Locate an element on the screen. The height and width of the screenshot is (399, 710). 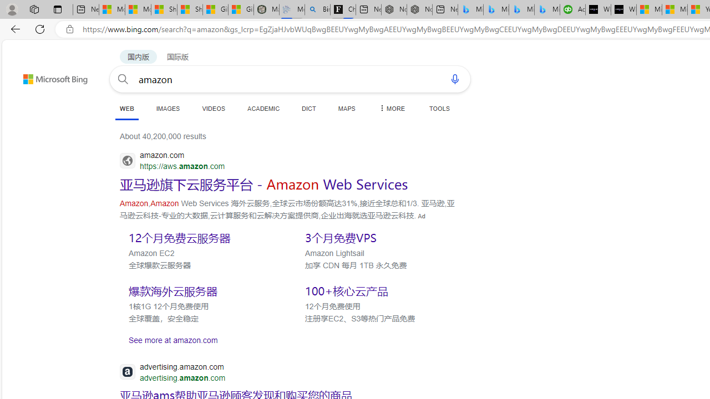
'MAPS' is located at coordinates (346, 108).